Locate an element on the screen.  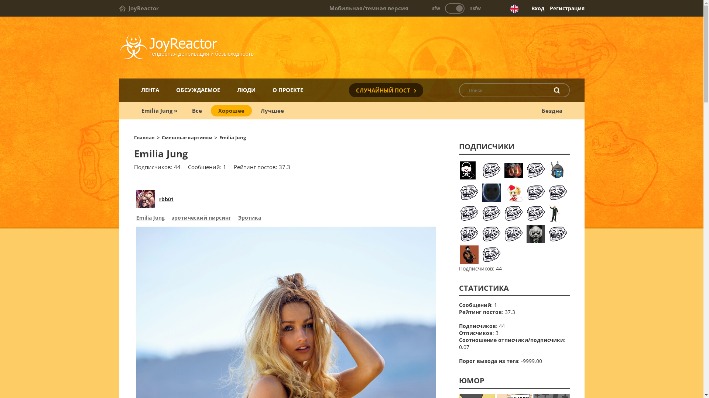
'Emilia Jung' is located at coordinates (150, 218).